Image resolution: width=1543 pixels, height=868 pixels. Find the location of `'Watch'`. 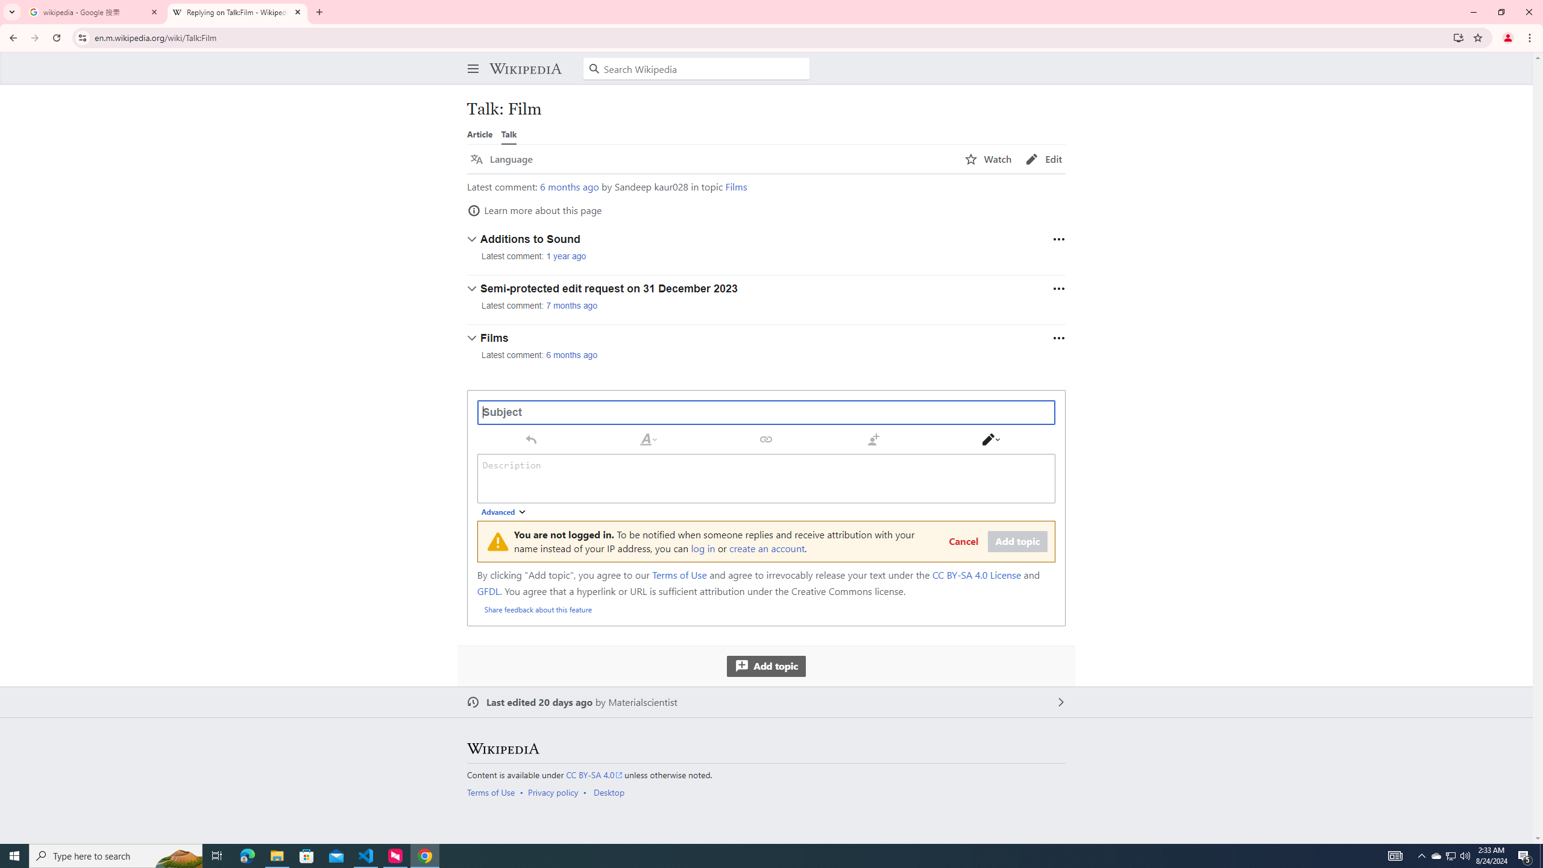

'Watch' is located at coordinates (987, 159).